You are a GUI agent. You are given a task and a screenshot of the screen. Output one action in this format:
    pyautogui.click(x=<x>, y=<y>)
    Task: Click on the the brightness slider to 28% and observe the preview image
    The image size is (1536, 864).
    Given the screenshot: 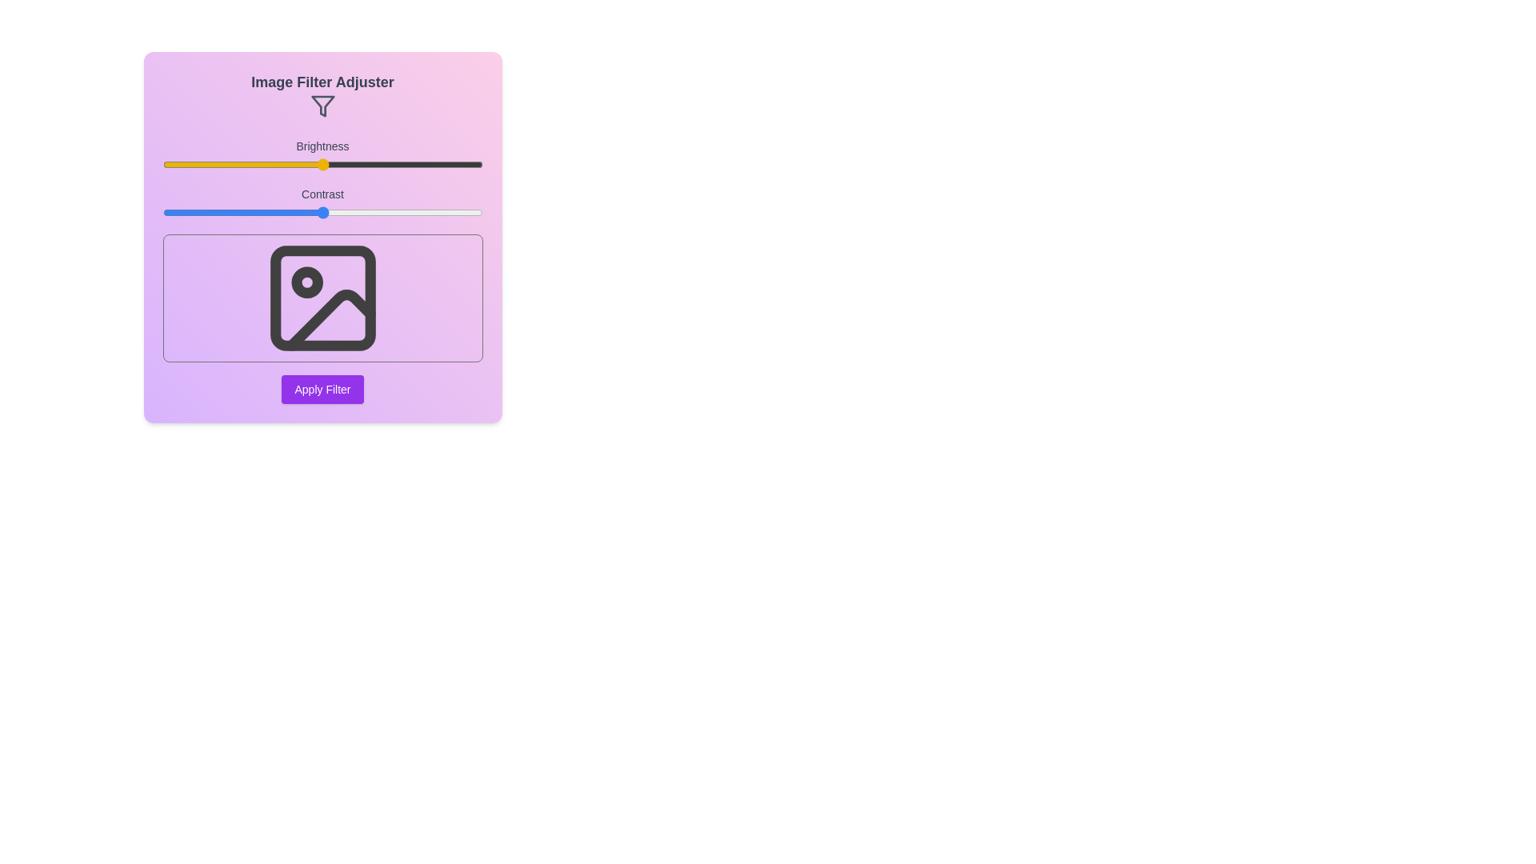 What is the action you would take?
    pyautogui.click(x=251, y=164)
    